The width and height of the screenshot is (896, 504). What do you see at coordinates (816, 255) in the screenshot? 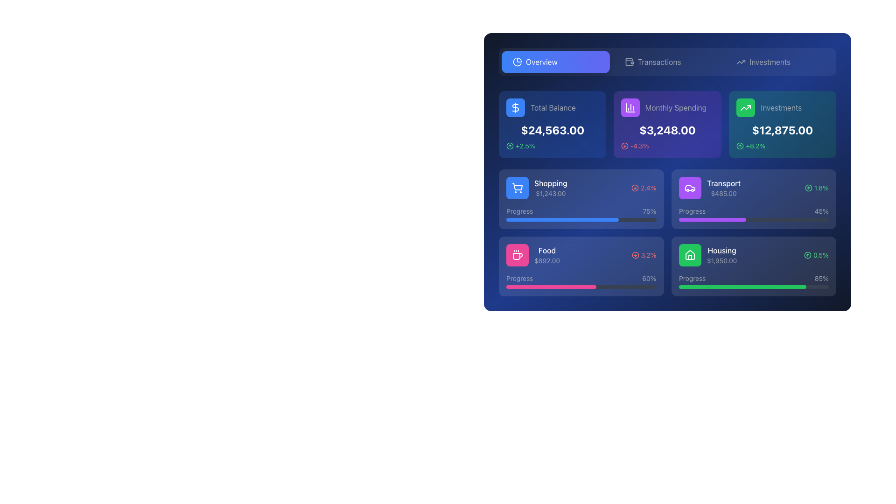
I see `the Text with Icon displaying a 0.5% increase in the 'Housing' category` at bounding box center [816, 255].